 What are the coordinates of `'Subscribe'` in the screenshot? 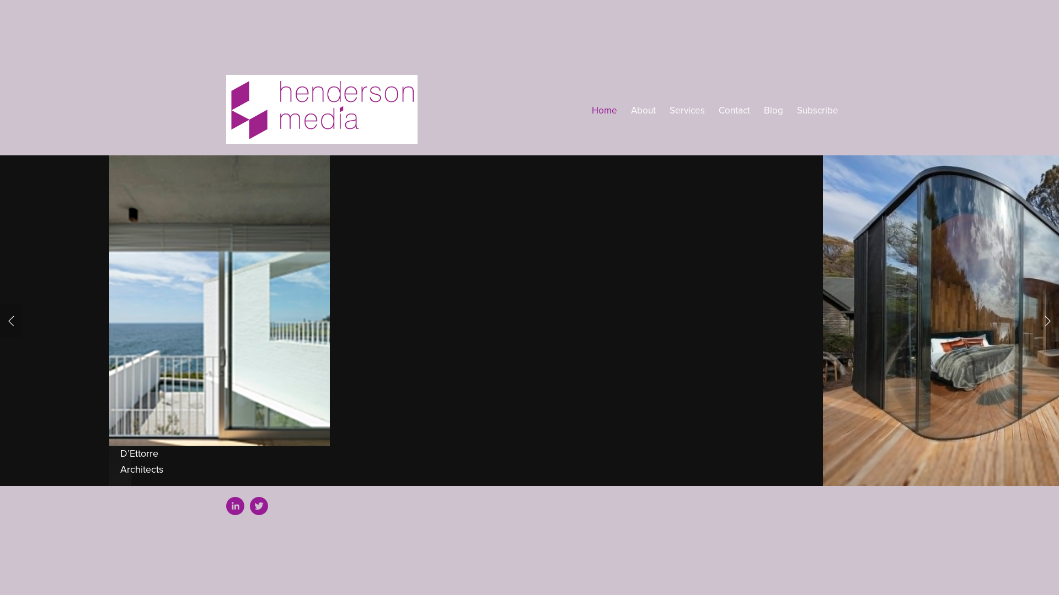 It's located at (817, 110).